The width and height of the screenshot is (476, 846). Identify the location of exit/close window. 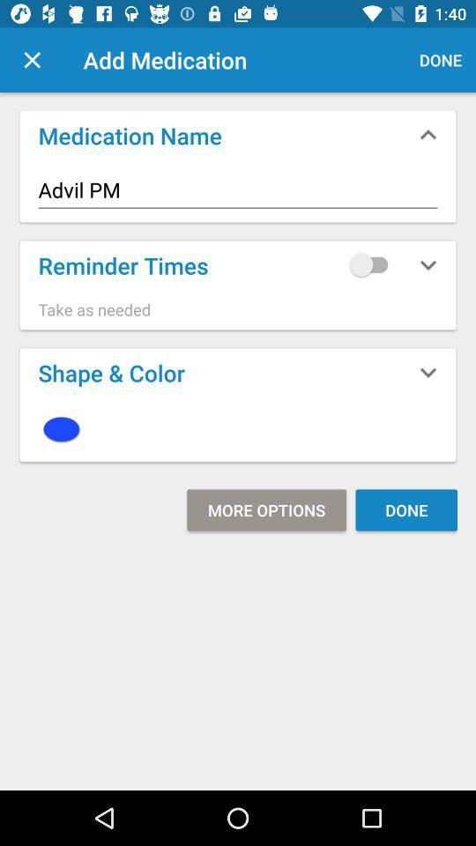
(32, 60).